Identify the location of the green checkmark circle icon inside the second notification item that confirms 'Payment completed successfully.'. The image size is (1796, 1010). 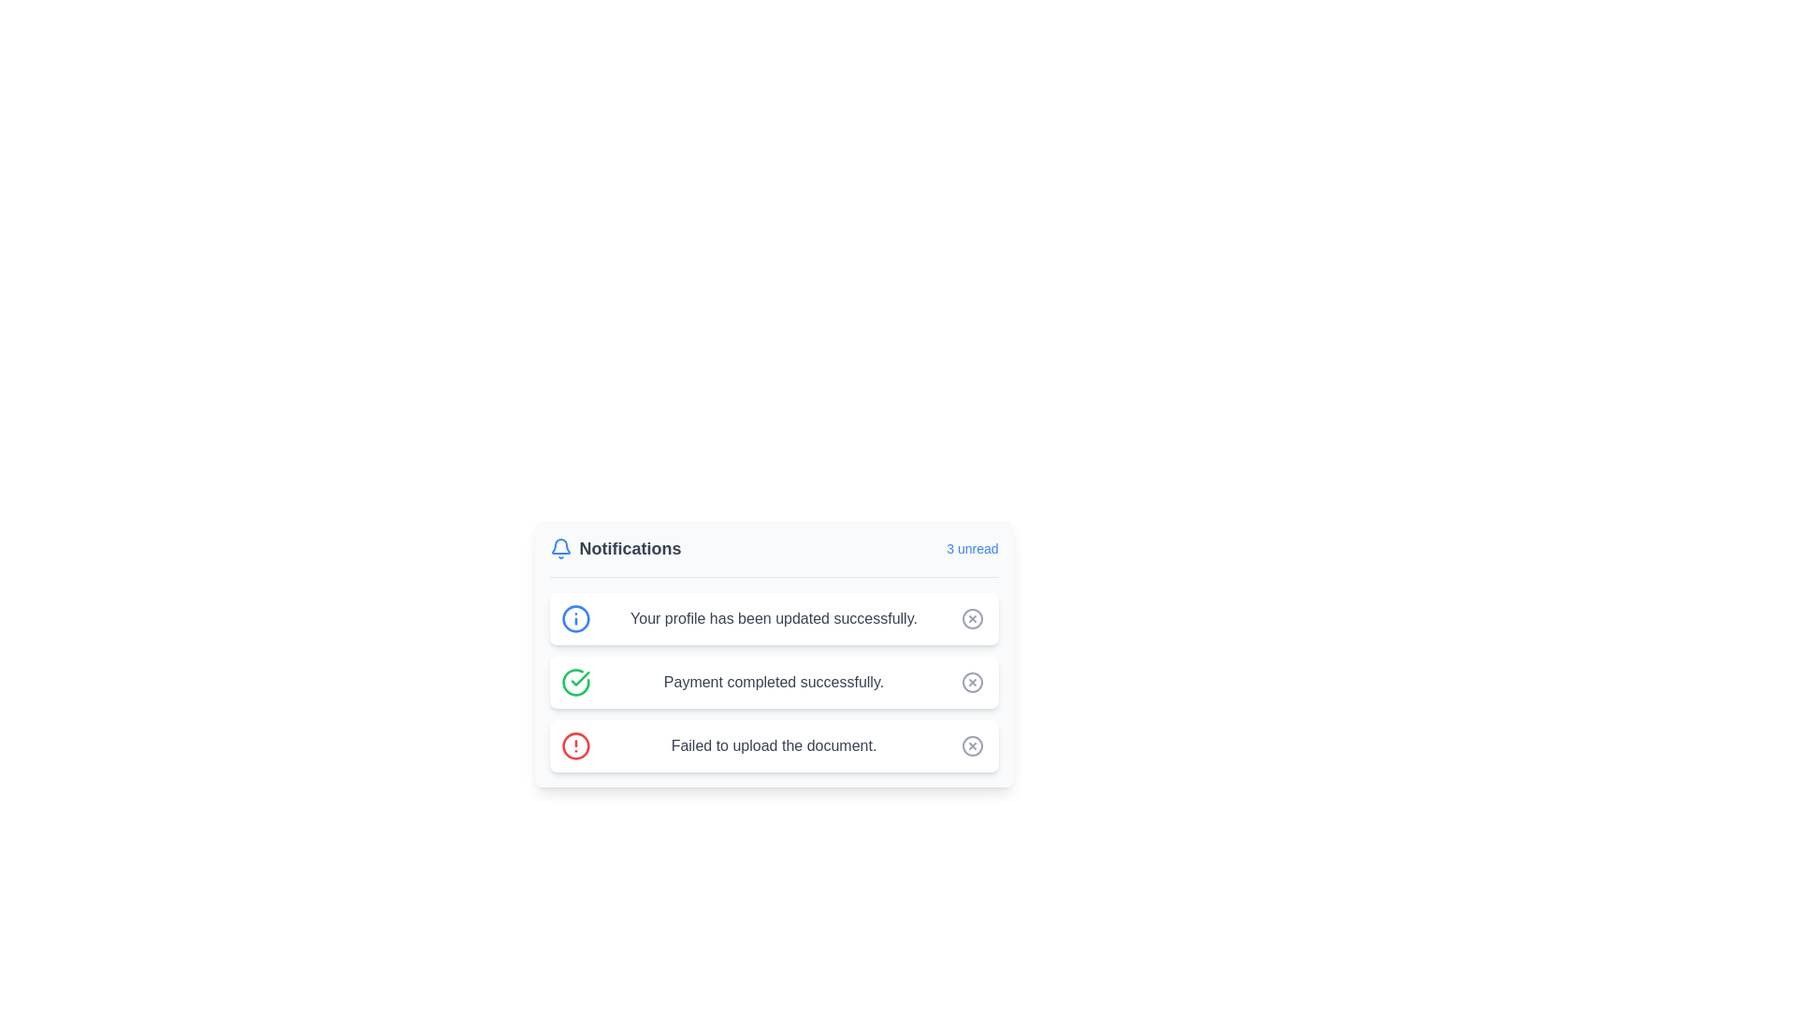
(574, 682).